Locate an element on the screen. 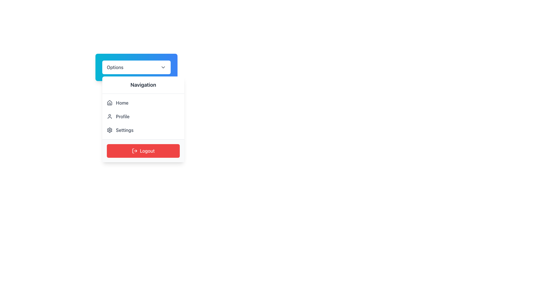 The image size is (547, 307). the 'Profile' text label in the navigation panel is located at coordinates (122, 116).